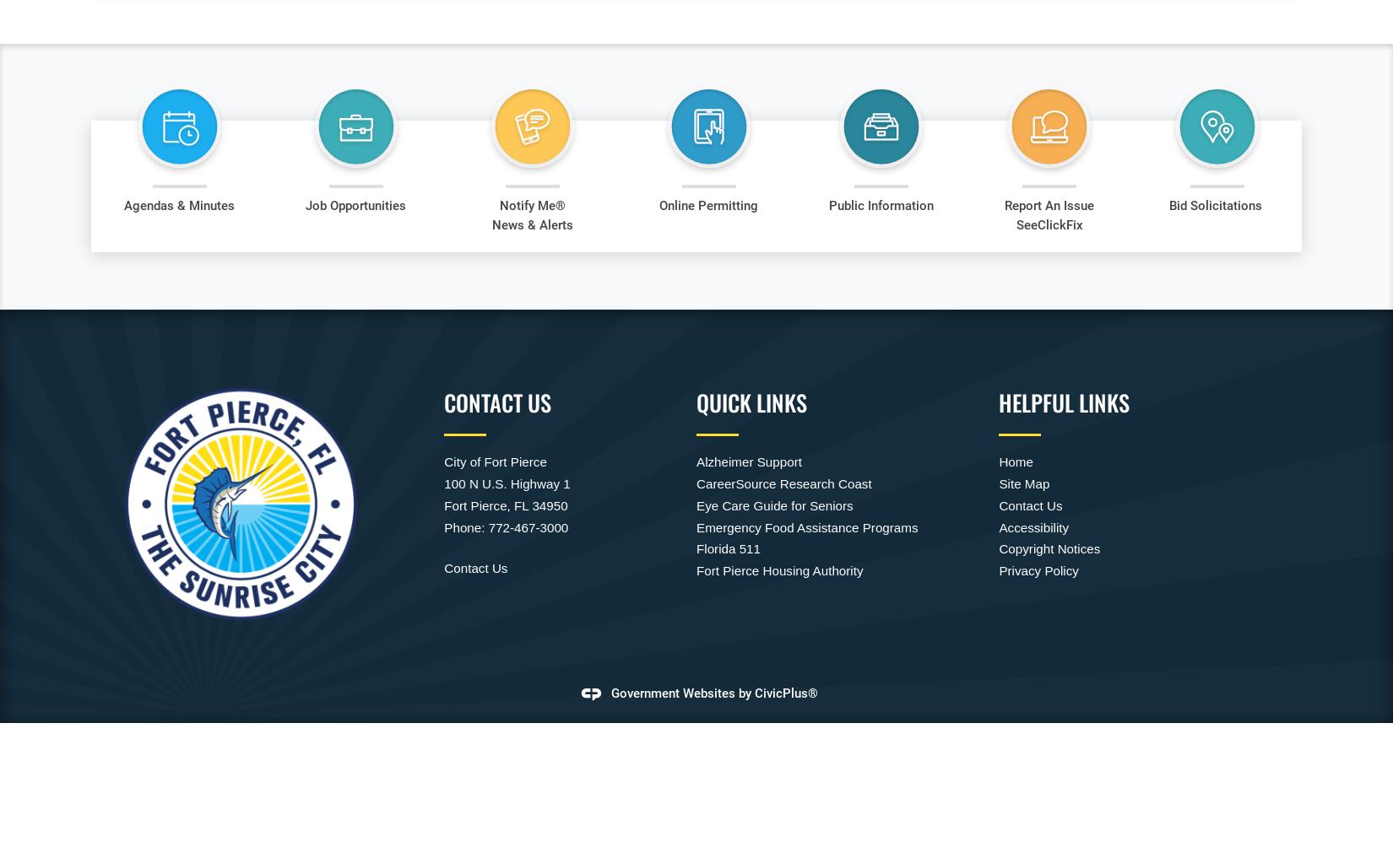 The image size is (1393, 858). I want to click on 'Government Websites by', so click(681, 693).